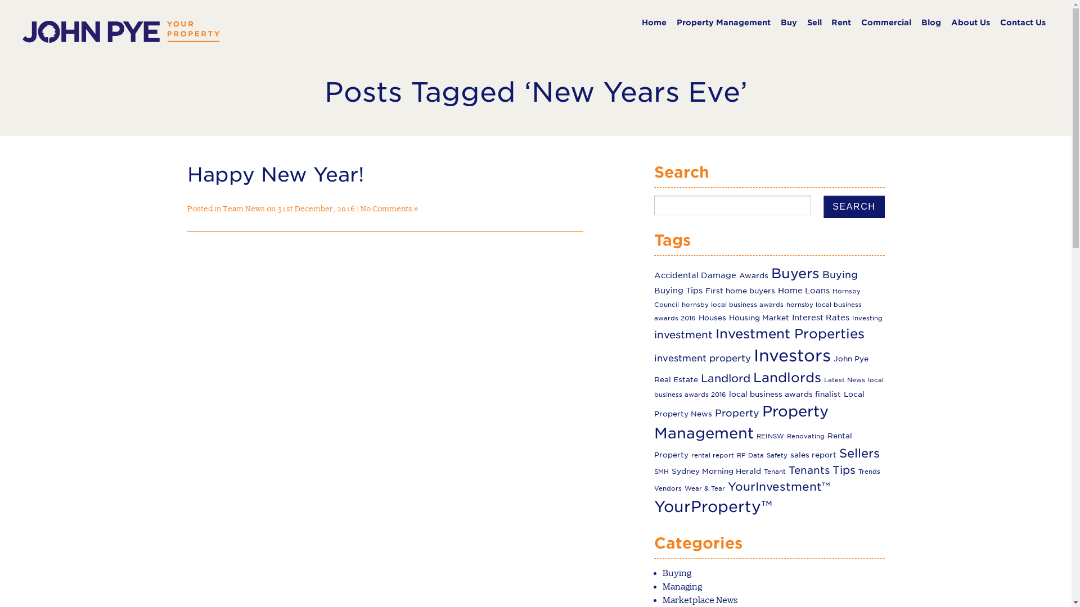  I want to click on 'Latest News', so click(844, 379).